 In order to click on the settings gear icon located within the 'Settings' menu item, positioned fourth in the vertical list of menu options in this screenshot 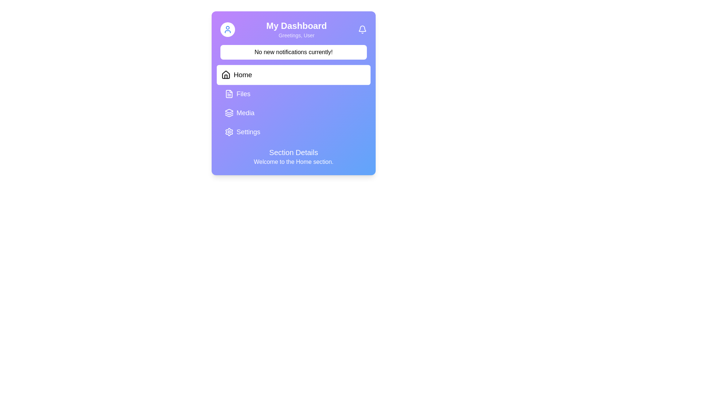, I will do `click(228, 132)`.